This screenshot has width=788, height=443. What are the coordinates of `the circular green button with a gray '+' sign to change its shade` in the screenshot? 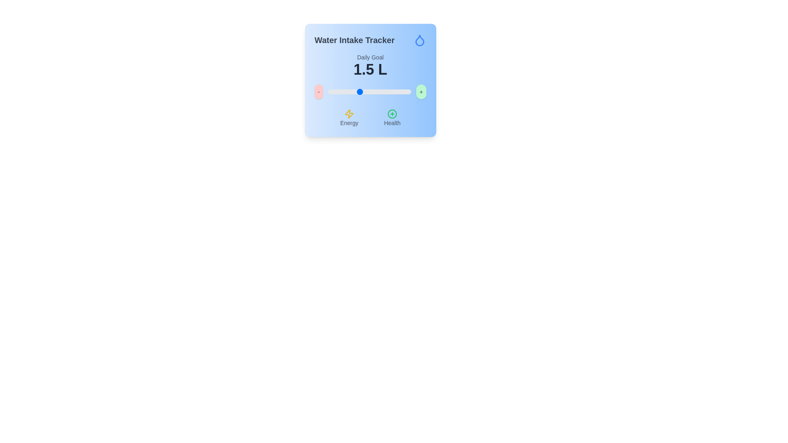 It's located at (421, 91).